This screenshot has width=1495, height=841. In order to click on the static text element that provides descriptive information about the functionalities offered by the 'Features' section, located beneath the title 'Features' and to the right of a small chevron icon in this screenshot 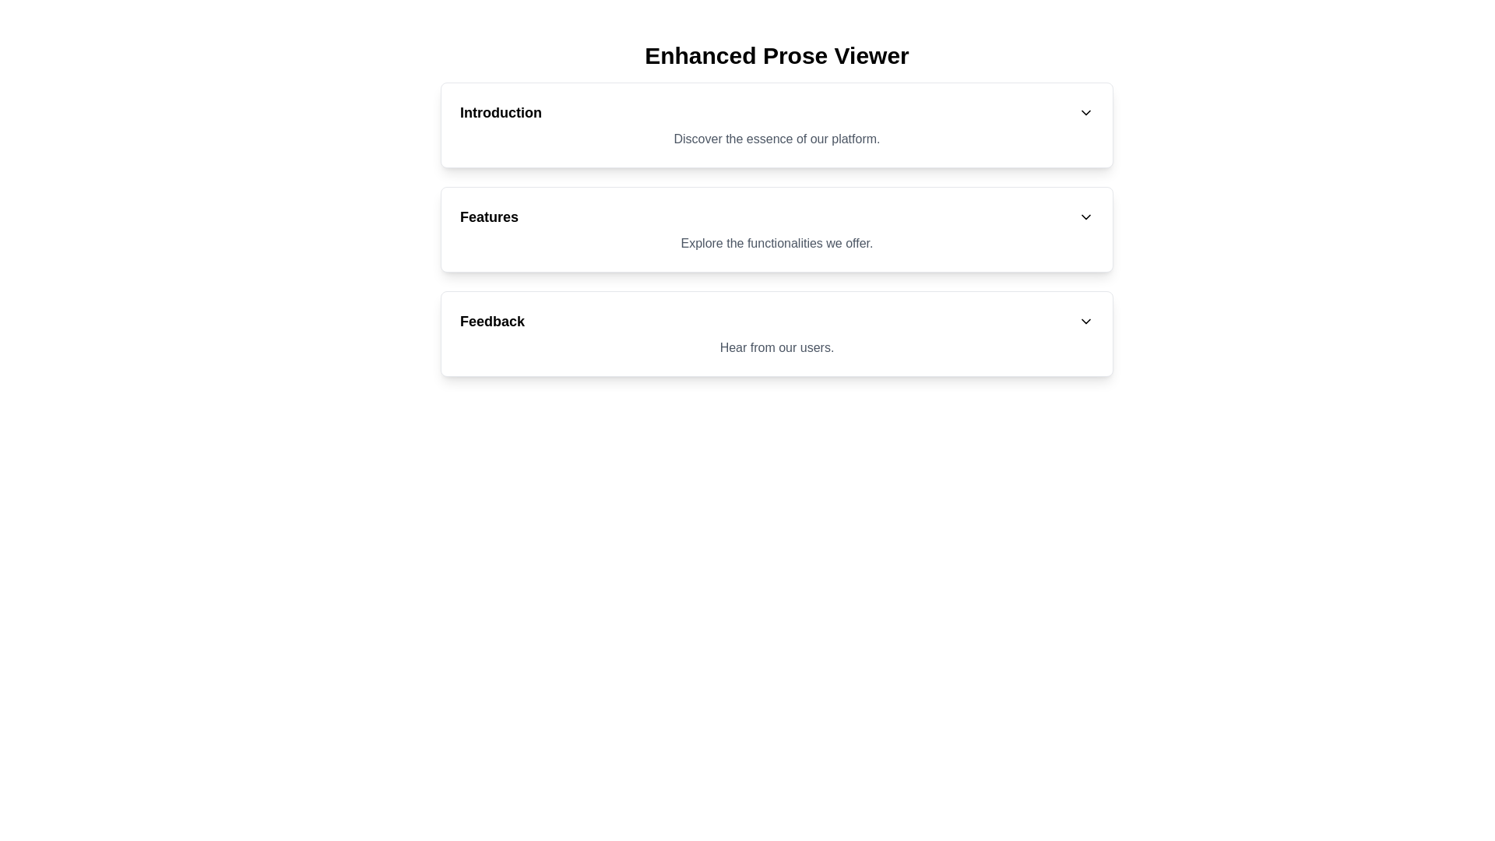, I will do `click(777, 243)`.